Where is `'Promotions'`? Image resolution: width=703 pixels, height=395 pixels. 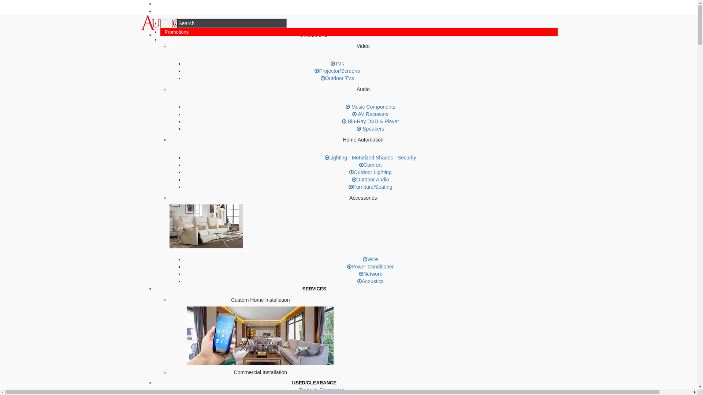
'Promotions' is located at coordinates (177, 31).